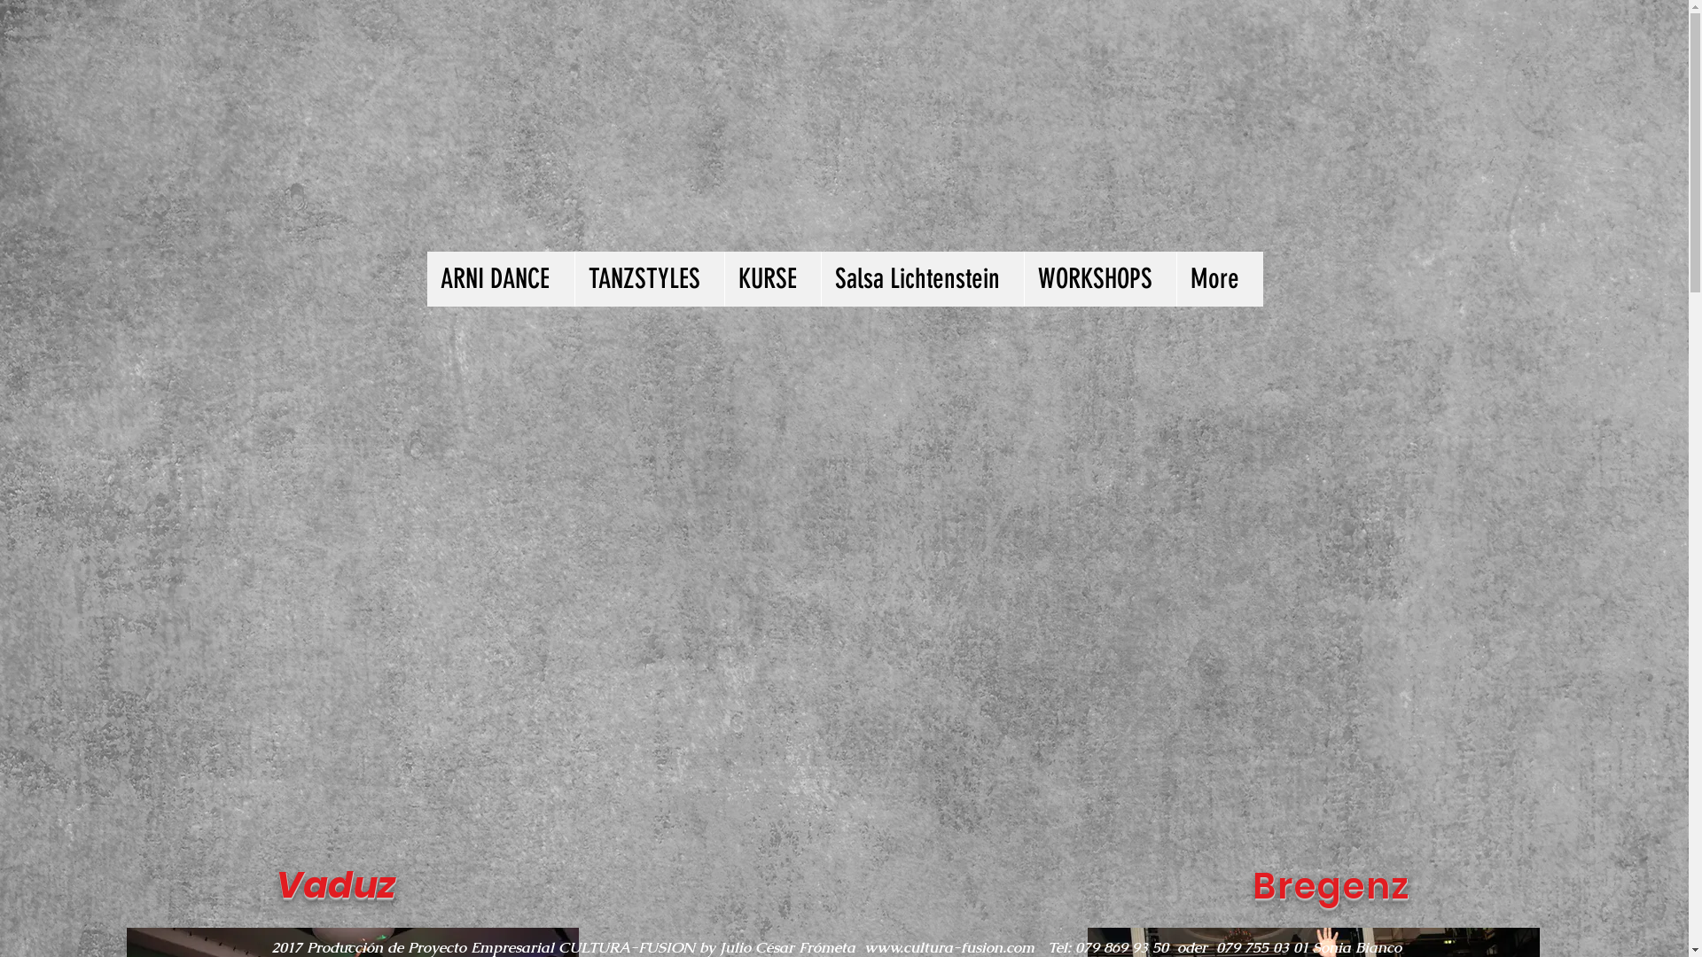 The image size is (1702, 957). Describe the element at coordinates (500, 279) in the screenshot. I see `'ARNI DANCE'` at that location.